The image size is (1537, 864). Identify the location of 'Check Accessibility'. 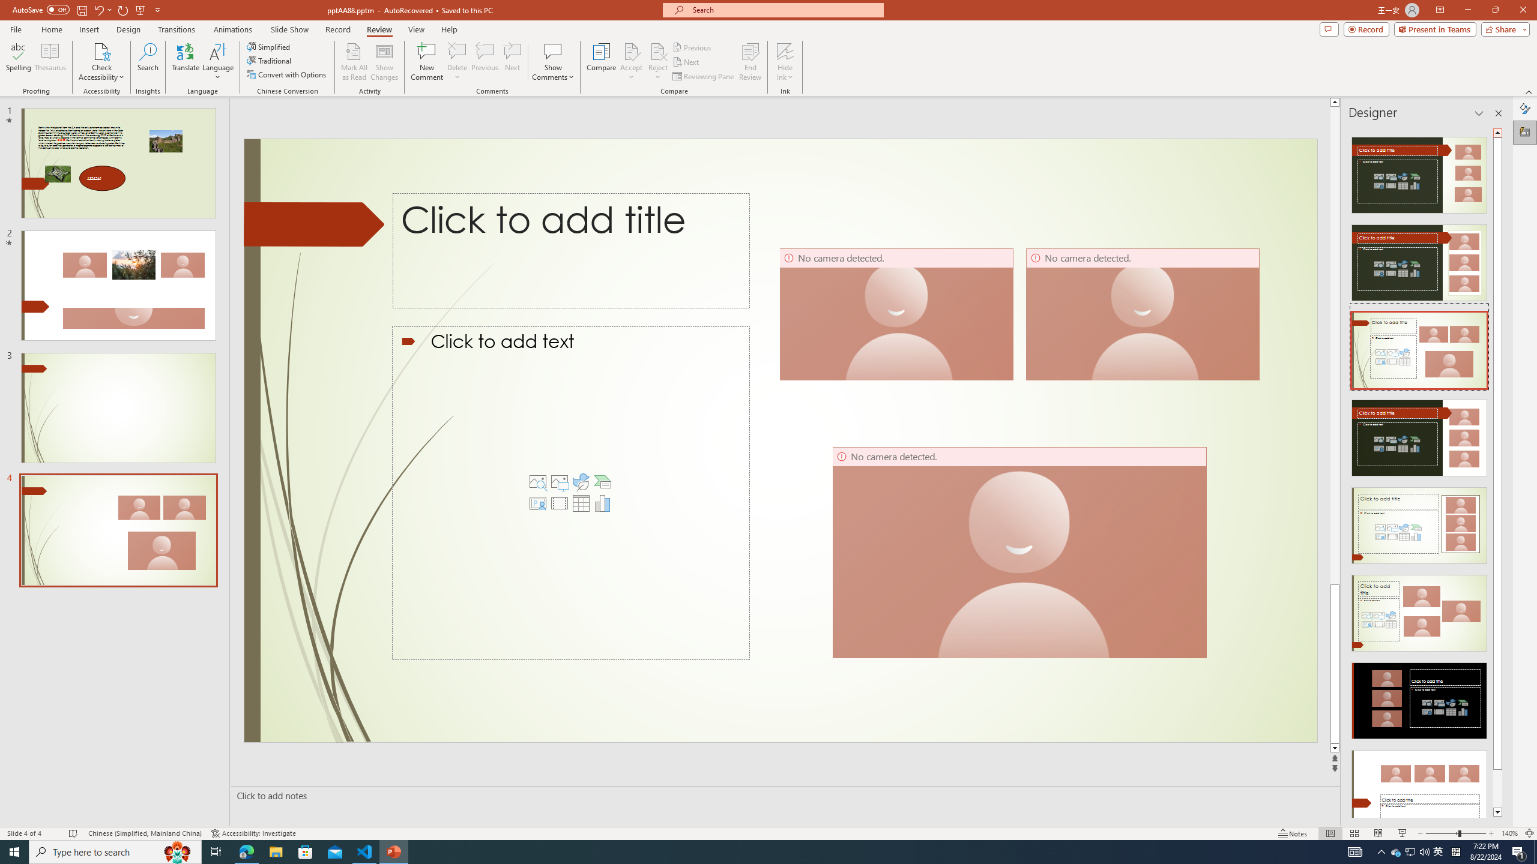
(100, 50).